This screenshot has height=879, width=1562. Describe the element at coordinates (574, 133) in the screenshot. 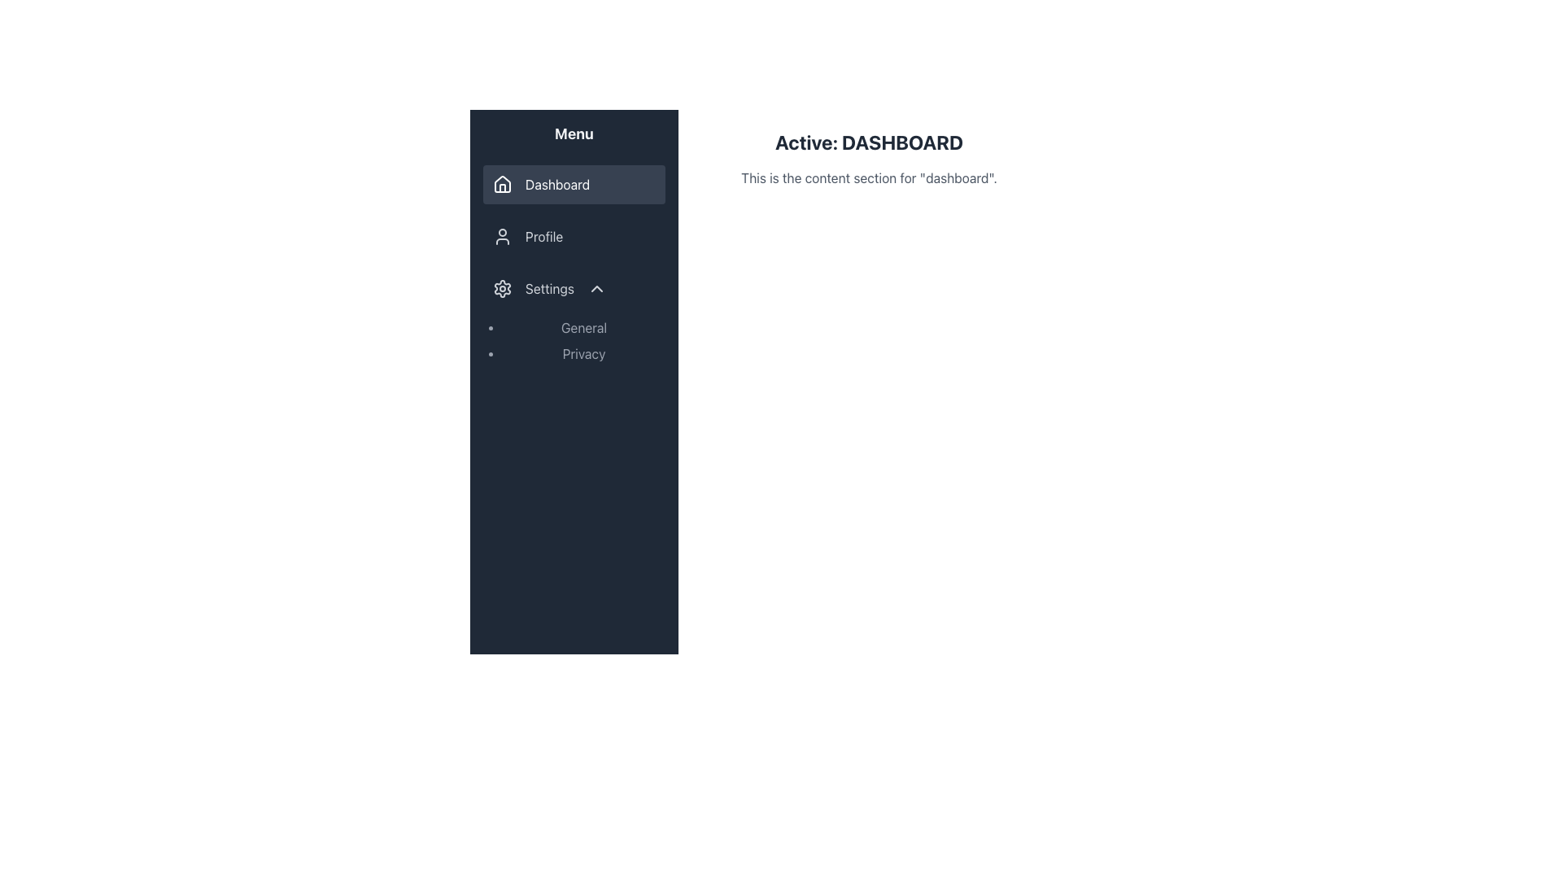

I see `displayed text of the bold 'Menu' label located at the top of the sidebar UI component, which has a large font size and stands out against a dark gray background` at that location.